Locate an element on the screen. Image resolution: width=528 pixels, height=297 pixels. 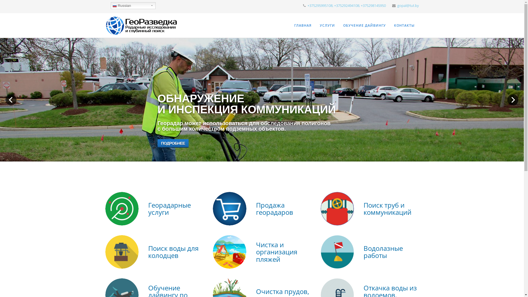
'+375295995108; +375292494108; +375298145950' is located at coordinates (346, 5).